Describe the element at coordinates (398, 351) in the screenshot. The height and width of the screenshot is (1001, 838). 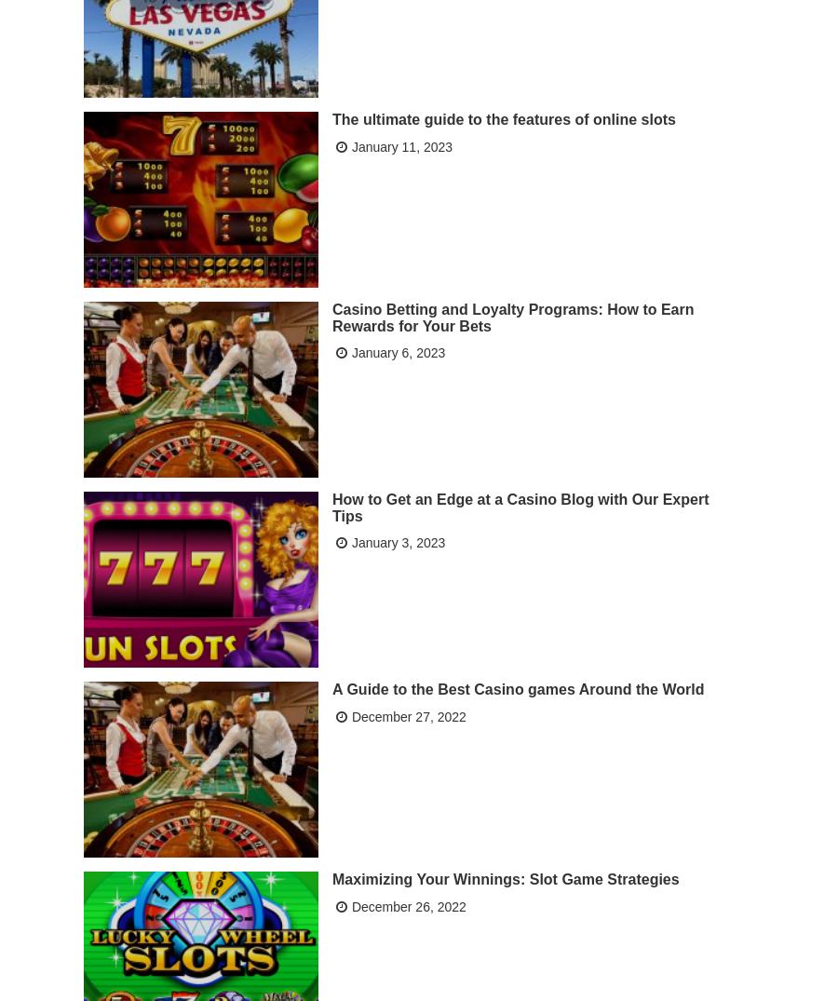
I see `'January 6, 2023'` at that location.